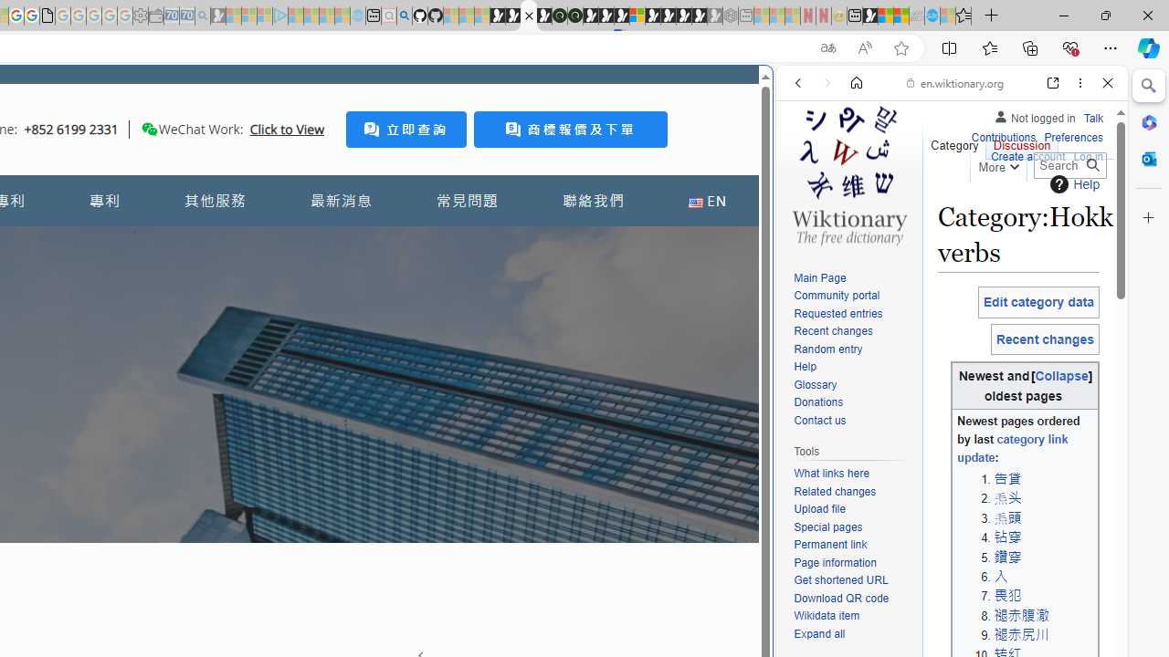 The width and height of the screenshot is (1169, 657). What do you see at coordinates (830, 473) in the screenshot?
I see `'What links here'` at bounding box center [830, 473].